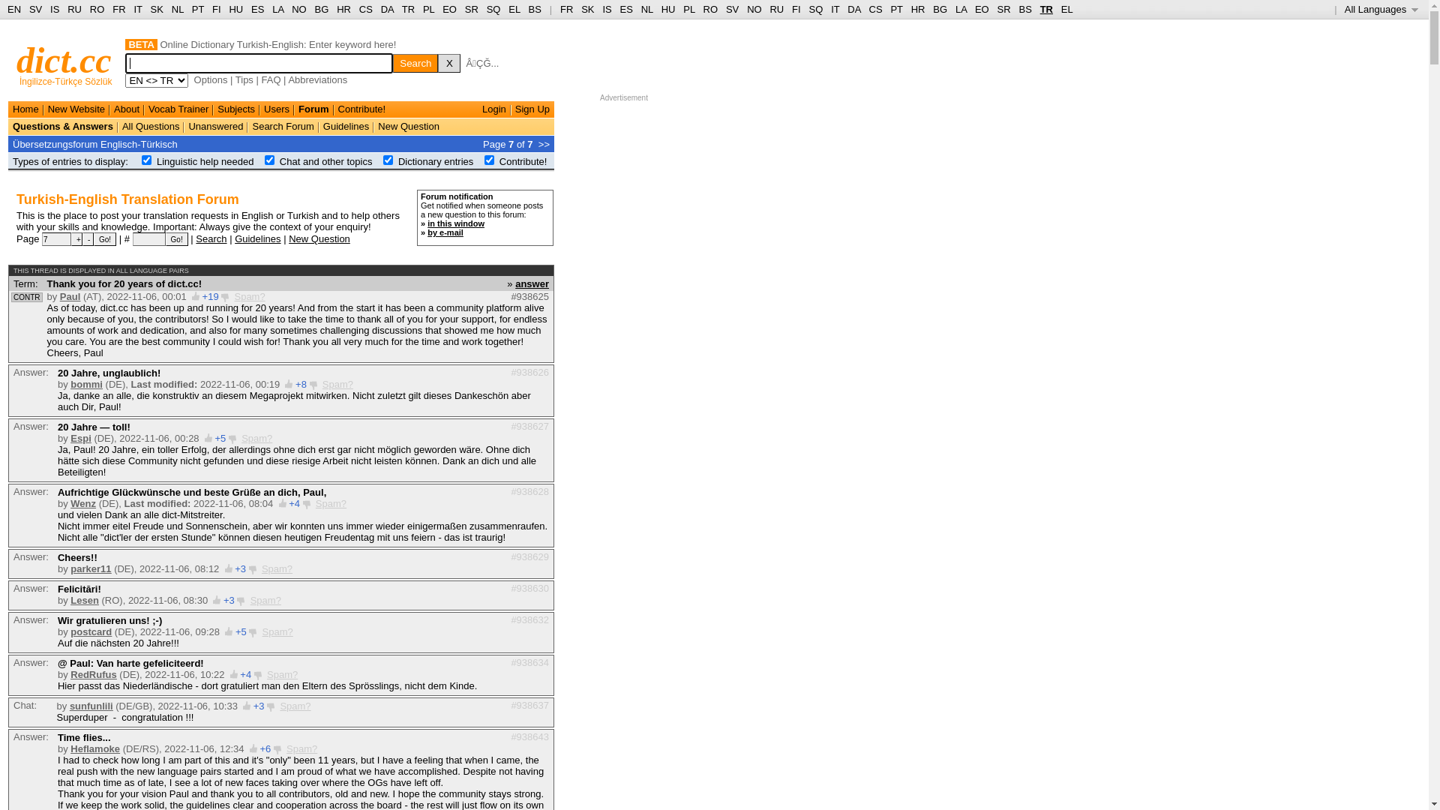 This screenshot has width=1440, height=810. What do you see at coordinates (325, 161) in the screenshot?
I see `'Chat and other topics'` at bounding box center [325, 161].